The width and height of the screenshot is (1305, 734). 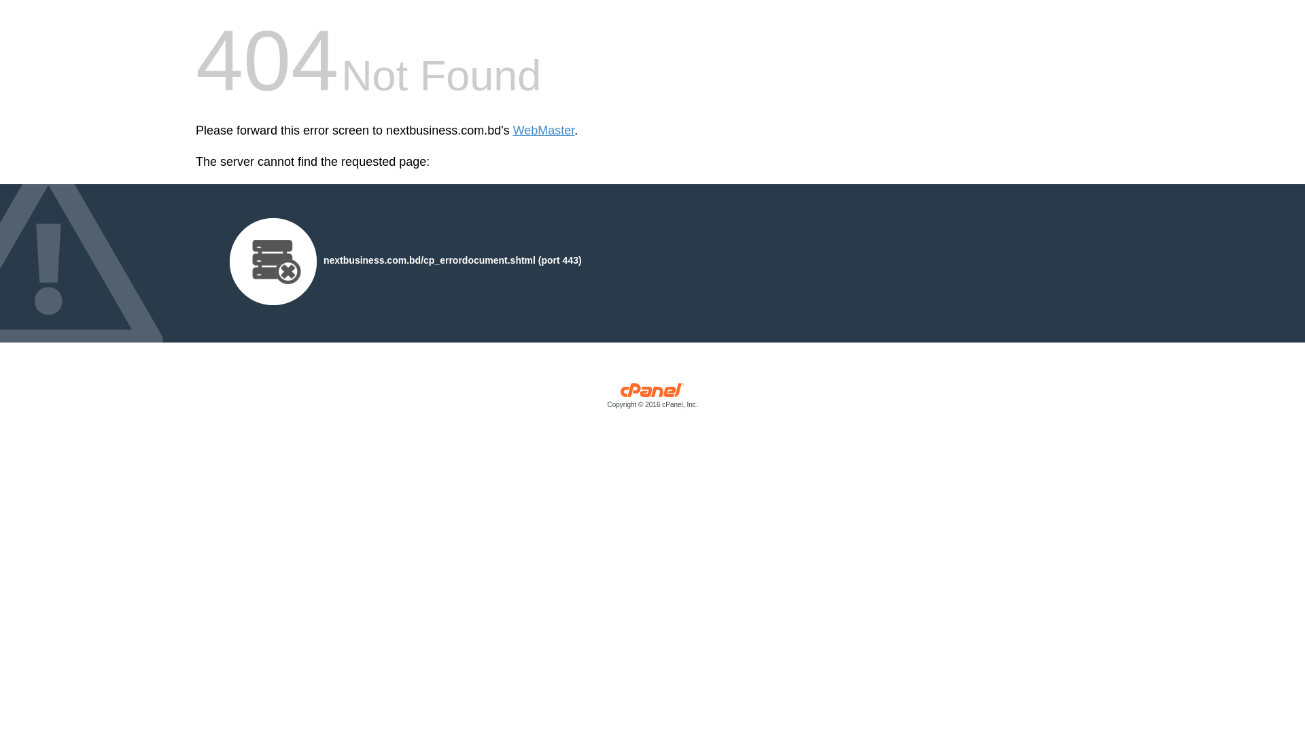 What do you see at coordinates (544, 130) in the screenshot?
I see `'WebMaster'` at bounding box center [544, 130].